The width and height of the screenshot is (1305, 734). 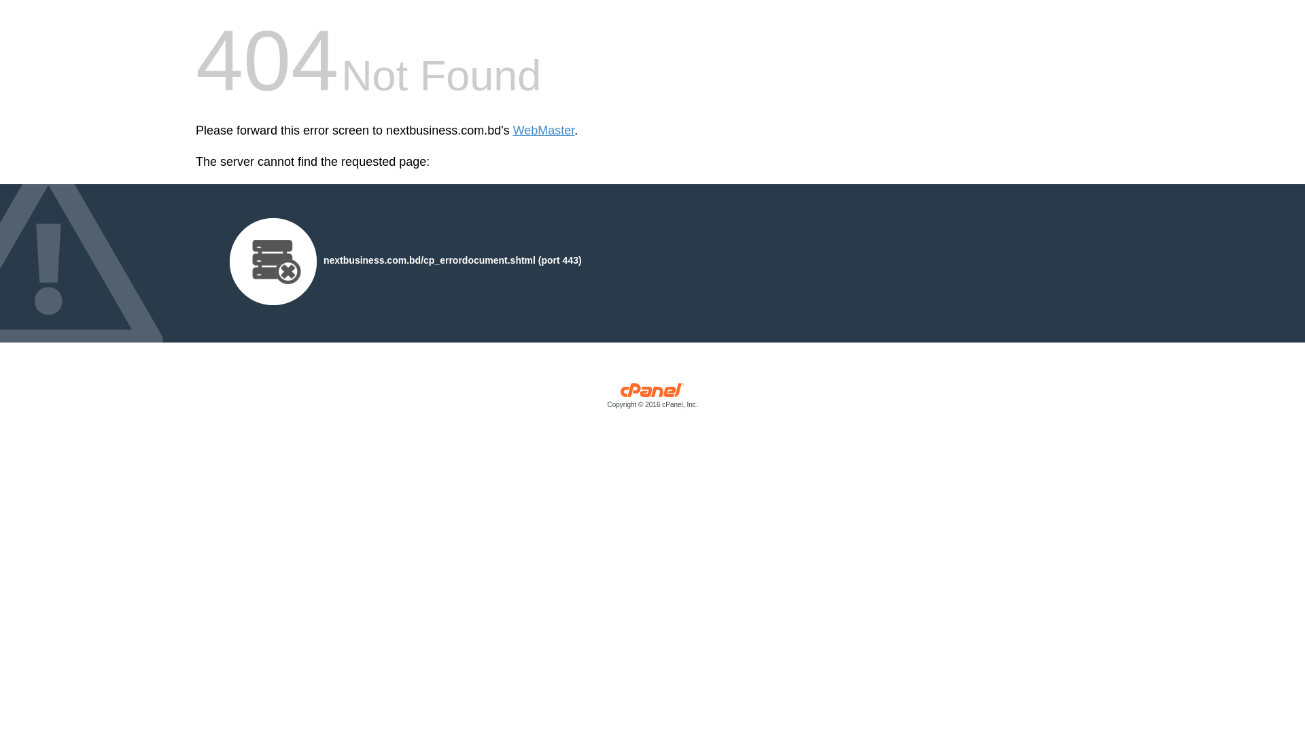 What do you see at coordinates (544, 130) in the screenshot?
I see `'WebMaster'` at bounding box center [544, 130].